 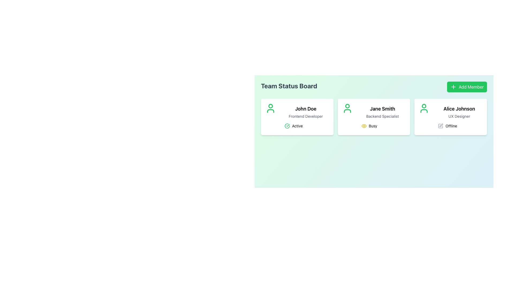 I want to click on user's avatar graphic represented by the SVG circle on the status board using a developer tool, so click(x=271, y=106).